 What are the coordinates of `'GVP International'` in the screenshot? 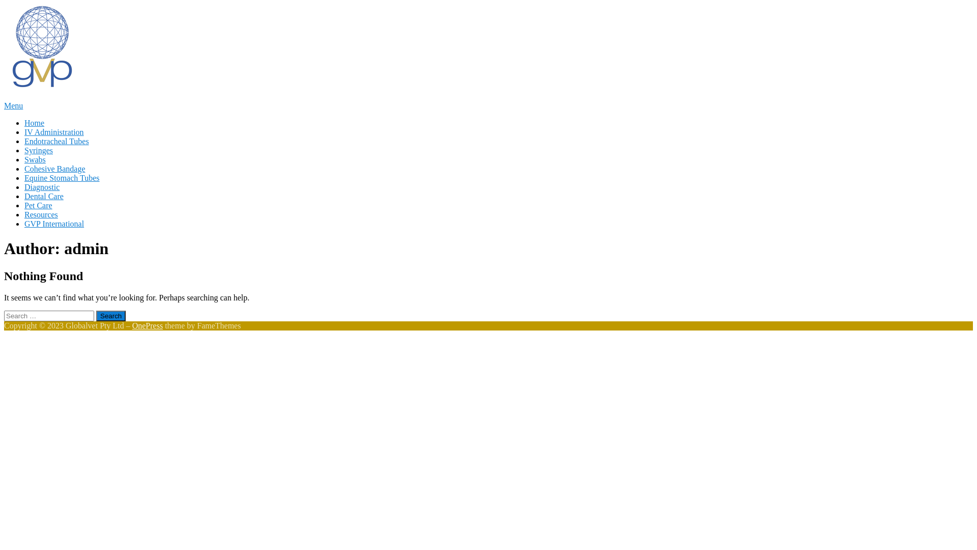 It's located at (53, 223).